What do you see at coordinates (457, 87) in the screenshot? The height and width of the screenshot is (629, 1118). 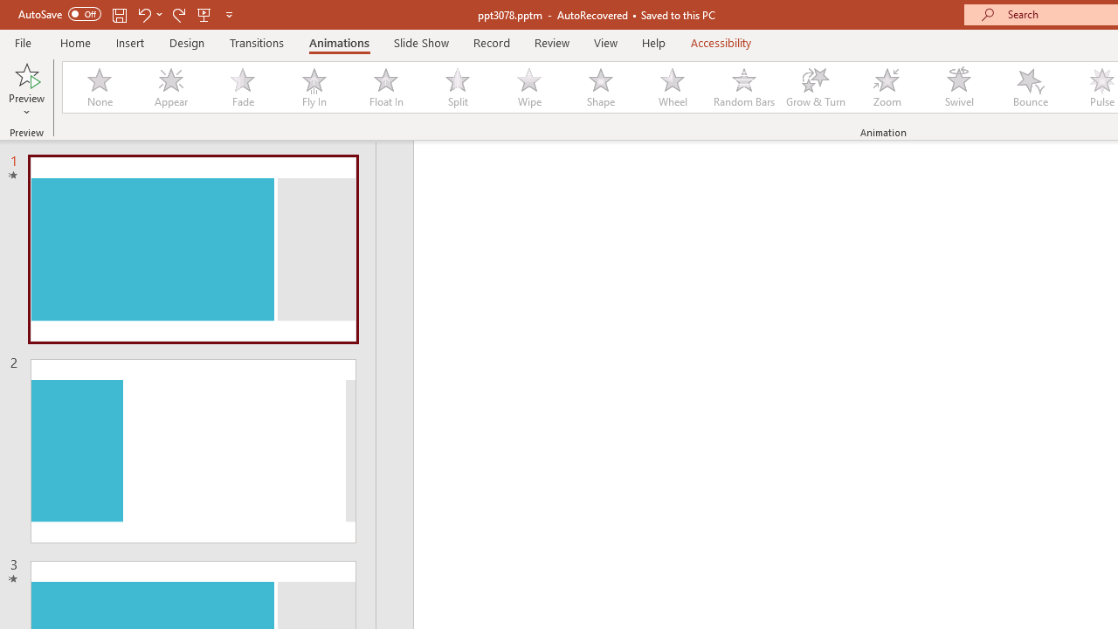 I see `'Split'` at bounding box center [457, 87].